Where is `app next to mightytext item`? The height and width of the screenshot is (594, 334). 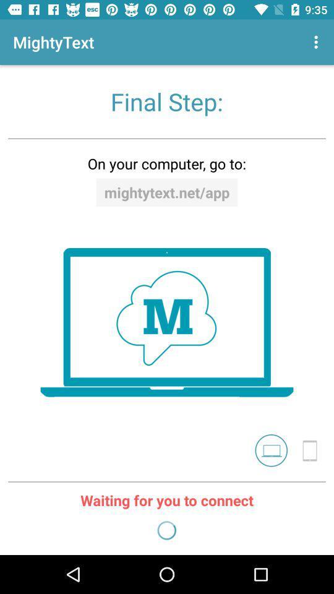
app next to mightytext item is located at coordinates (317, 42).